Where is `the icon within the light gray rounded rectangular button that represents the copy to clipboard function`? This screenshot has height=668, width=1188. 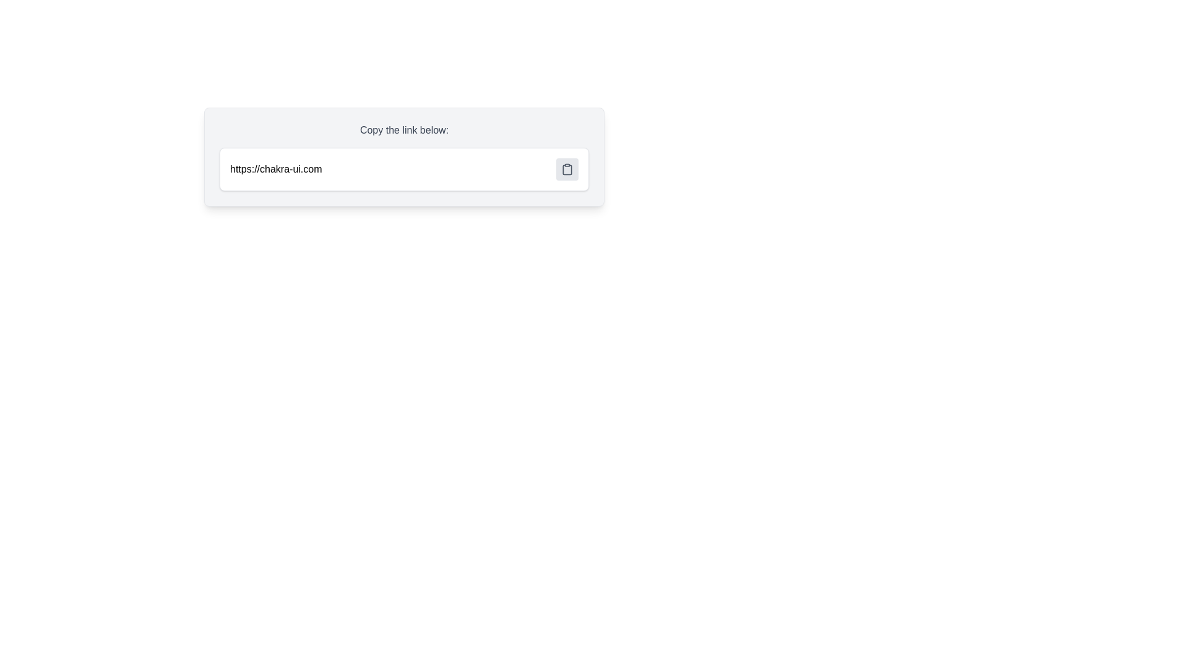 the icon within the light gray rounded rectangular button that represents the copy to clipboard function is located at coordinates (566, 169).